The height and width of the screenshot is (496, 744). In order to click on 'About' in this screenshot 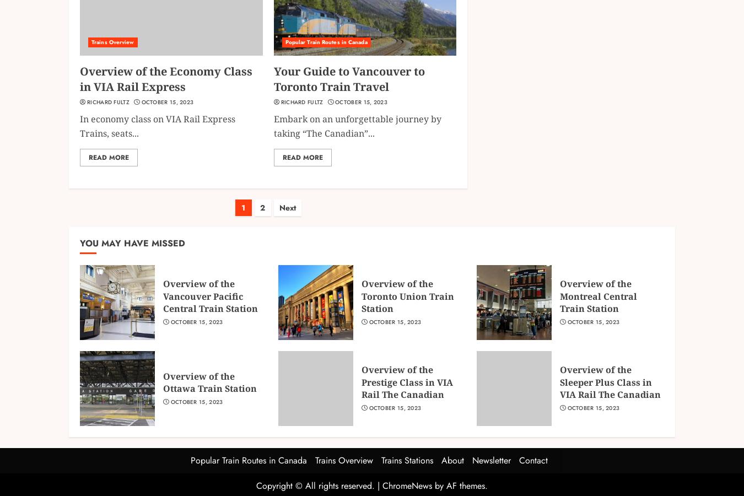, I will do `click(452, 460)`.